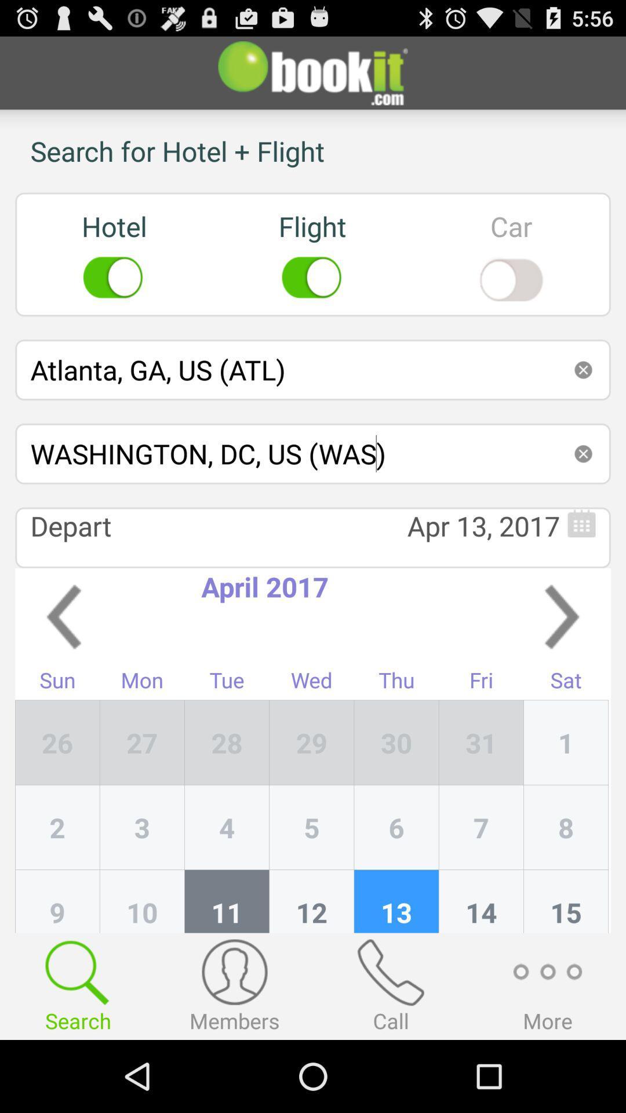 The width and height of the screenshot is (626, 1113). What do you see at coordinates (313, 453) in the screenshot?
I see `the washington dc us icon` at bounding box center [313, 453].